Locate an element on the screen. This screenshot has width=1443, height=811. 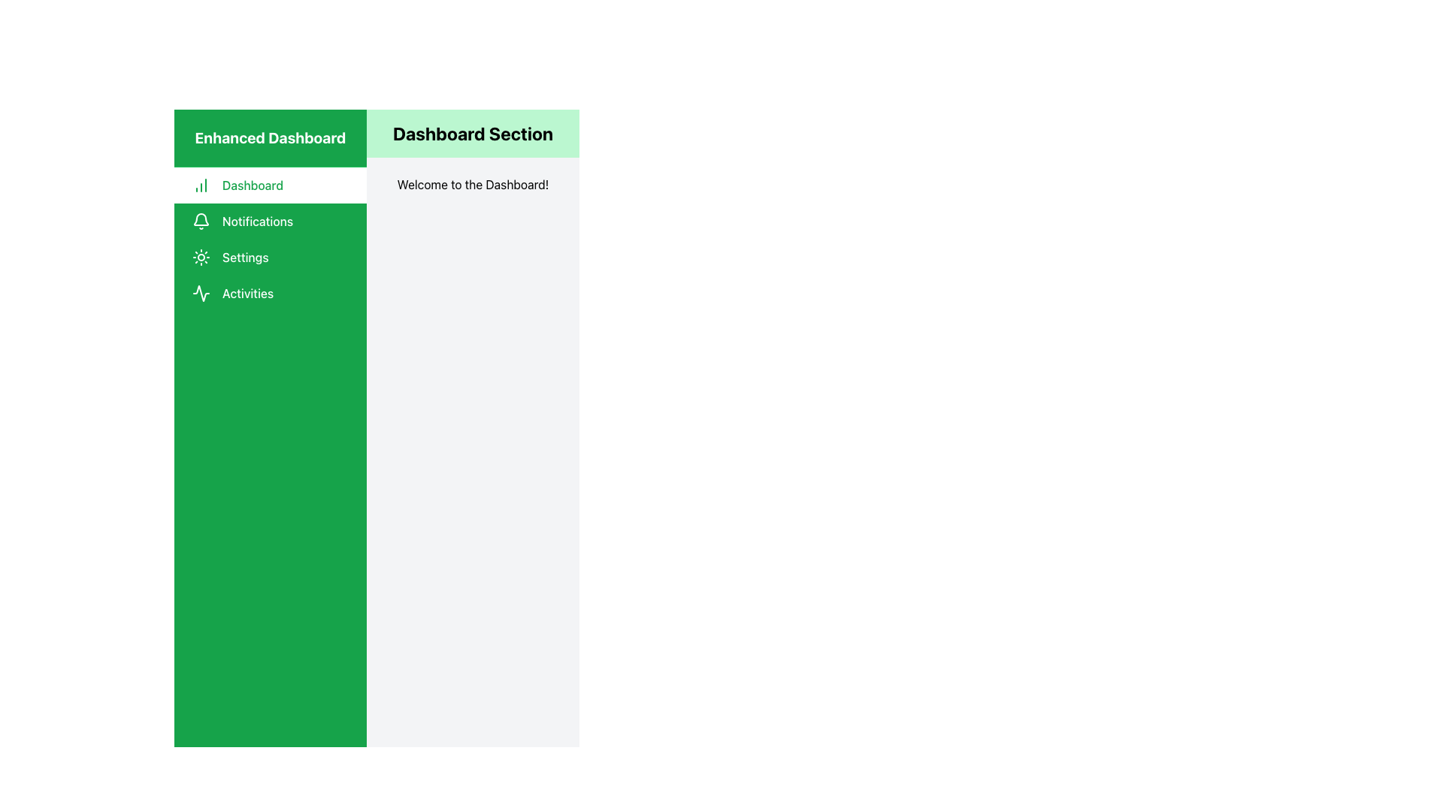
the second Text Label in the left-side vertical navigation menu, which is positioned below the 'Dashboard' entry and above the 'Settings' entry is located at coordinates (258, 221).